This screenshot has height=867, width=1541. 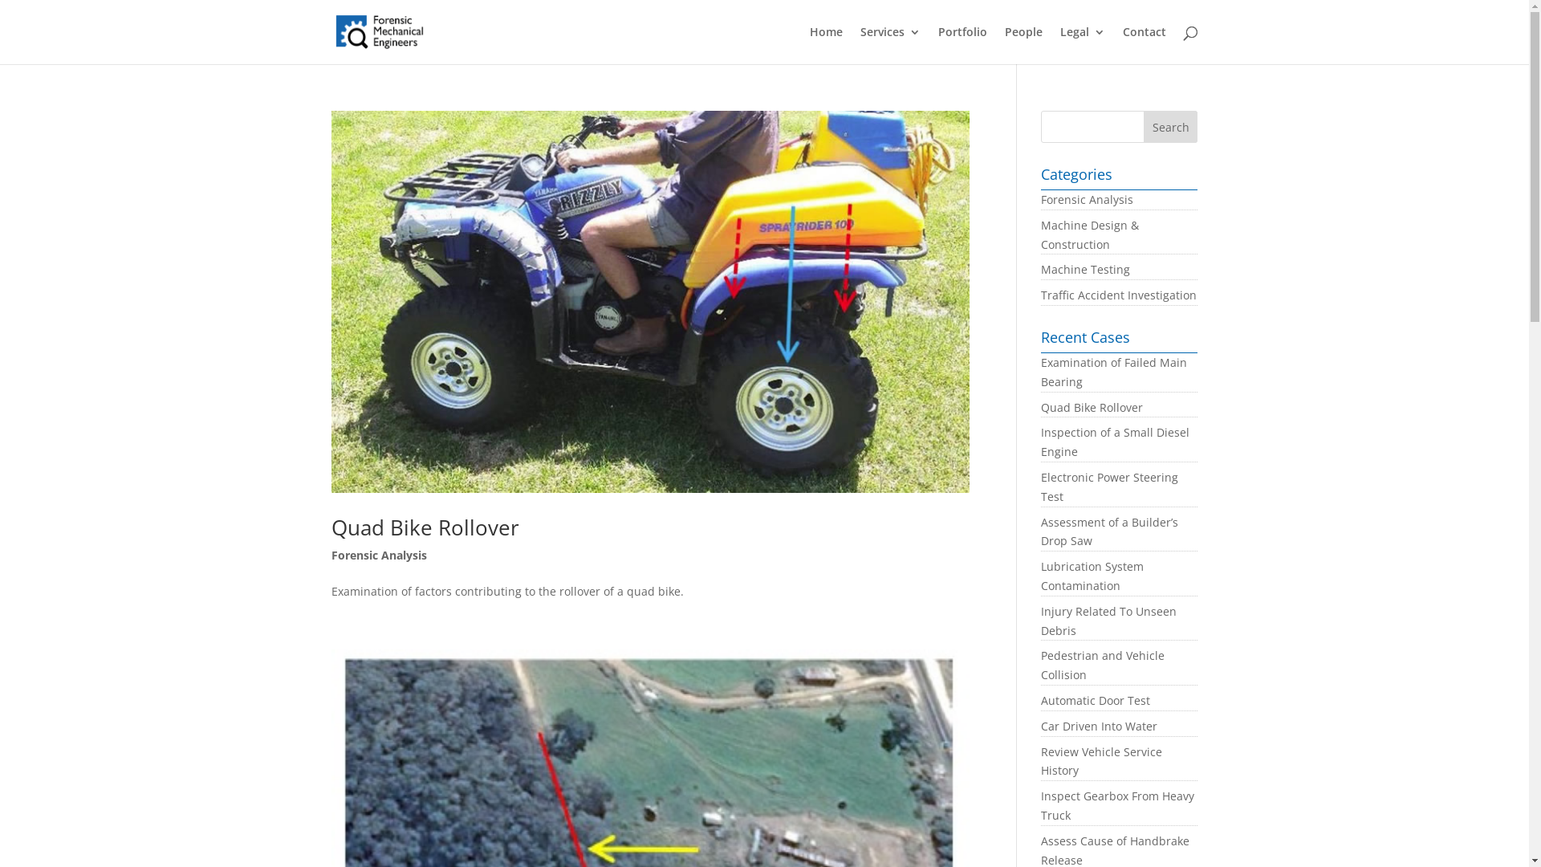 What do you see at coordinates (1092, 406) in the screenshot?
I see `'Quad Bike Rollover'` at bounding box center [1092, 406].